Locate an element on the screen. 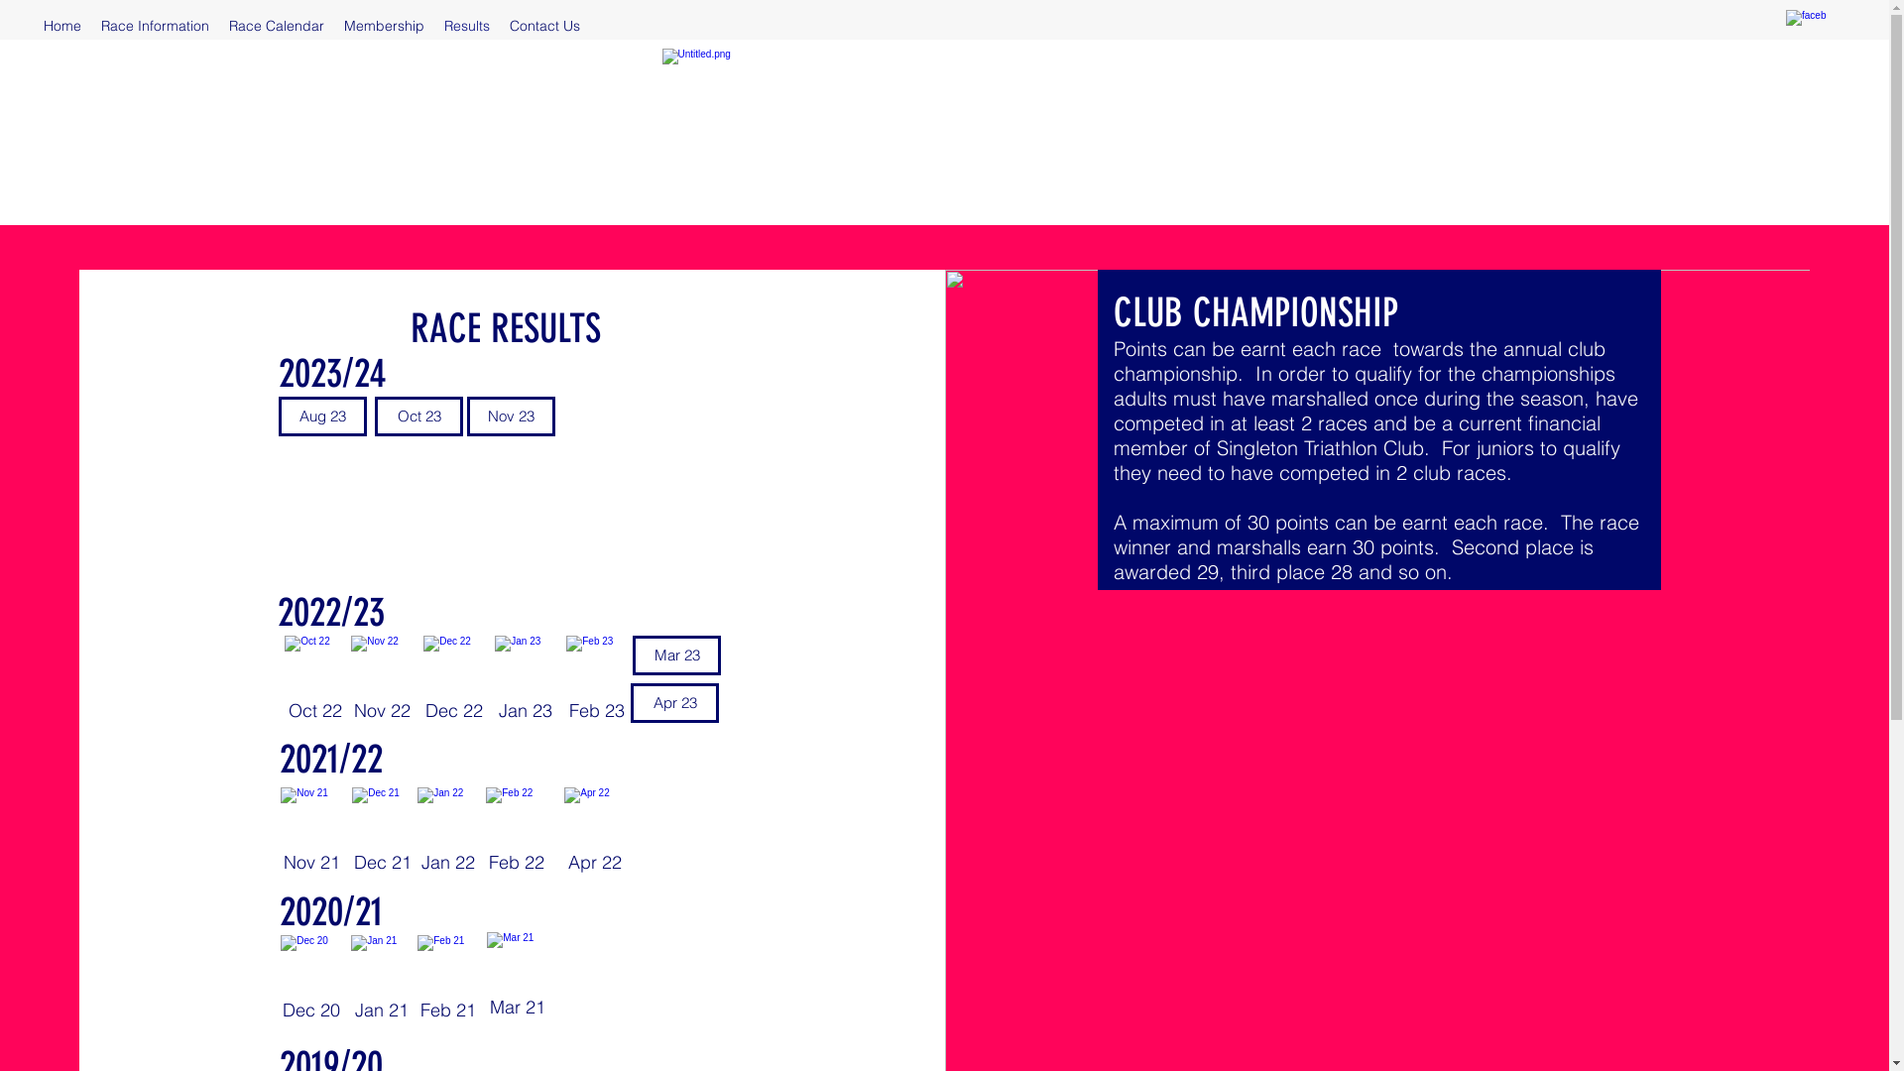 This screenshot has height=1071, width=1904. 'Feb 23' is located at coordinates (595, 682).